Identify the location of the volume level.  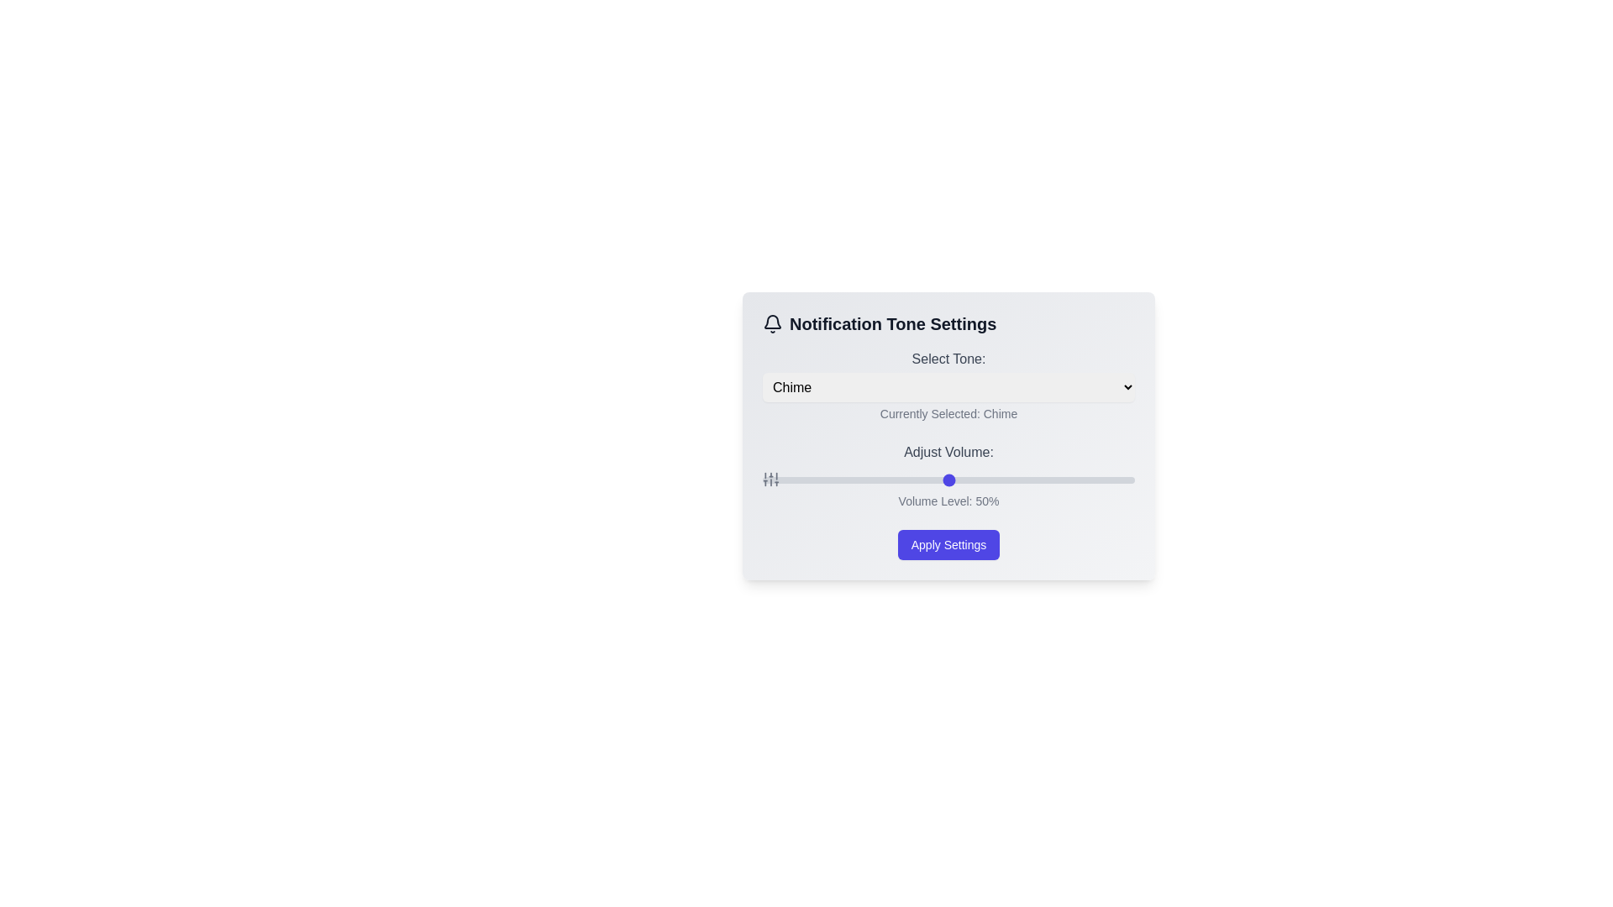
(807, 480).